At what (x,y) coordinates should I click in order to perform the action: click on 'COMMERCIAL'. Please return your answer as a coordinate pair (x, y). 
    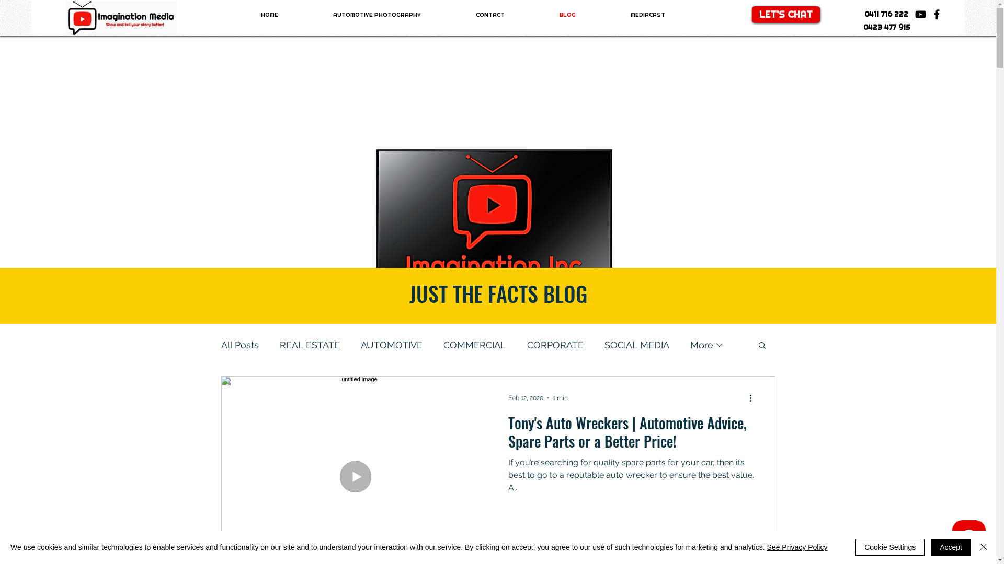
    Looking at the image, I should click on (443, 345).